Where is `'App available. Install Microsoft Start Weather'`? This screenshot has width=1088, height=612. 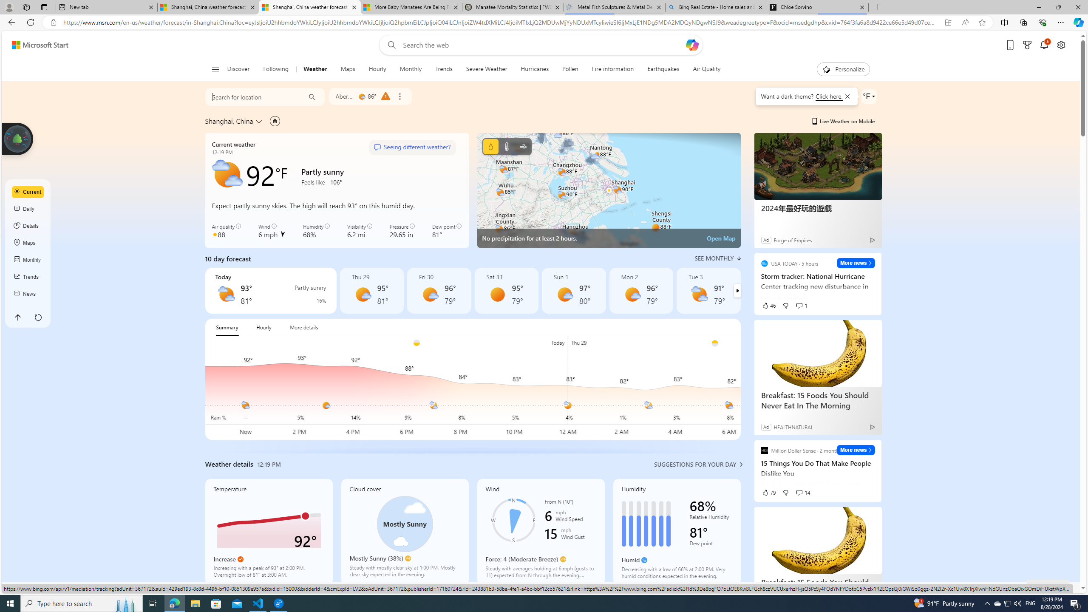 'App available. Install Microsoft Start Weather' is located at coordinates (948, 23).